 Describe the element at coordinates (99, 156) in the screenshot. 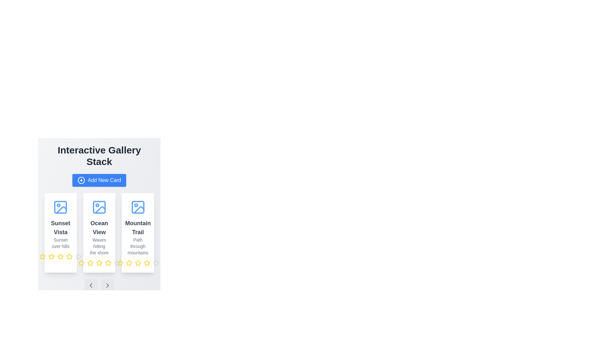

I see `title text located at the top of the interactive gallery stack, which precedes the blue button labeled 'Add New Card'` at that location.